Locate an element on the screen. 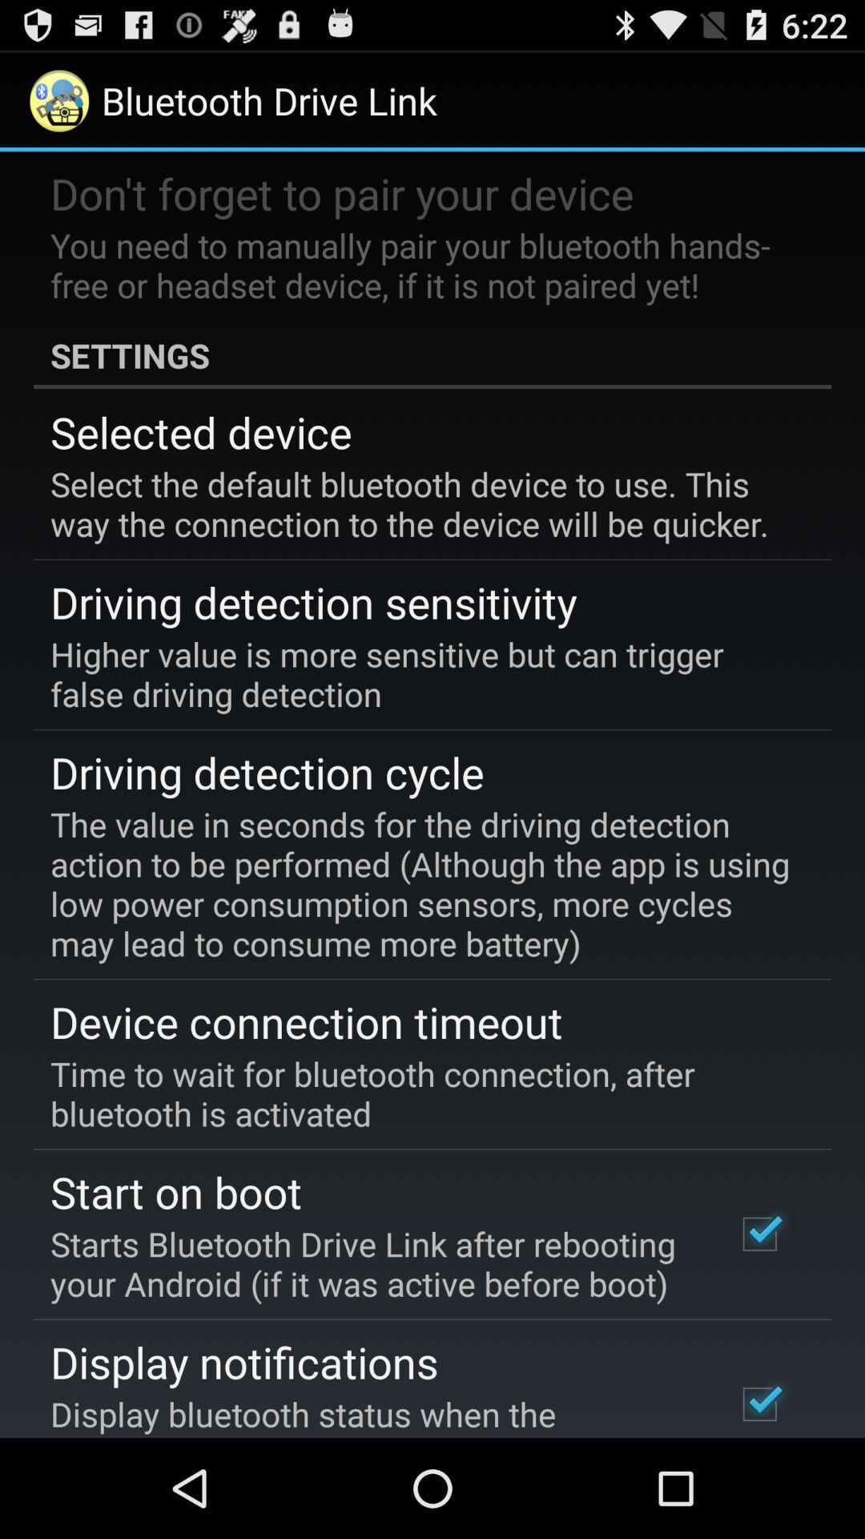  the display bluetooth status item is located at coordinates (371, 1414).